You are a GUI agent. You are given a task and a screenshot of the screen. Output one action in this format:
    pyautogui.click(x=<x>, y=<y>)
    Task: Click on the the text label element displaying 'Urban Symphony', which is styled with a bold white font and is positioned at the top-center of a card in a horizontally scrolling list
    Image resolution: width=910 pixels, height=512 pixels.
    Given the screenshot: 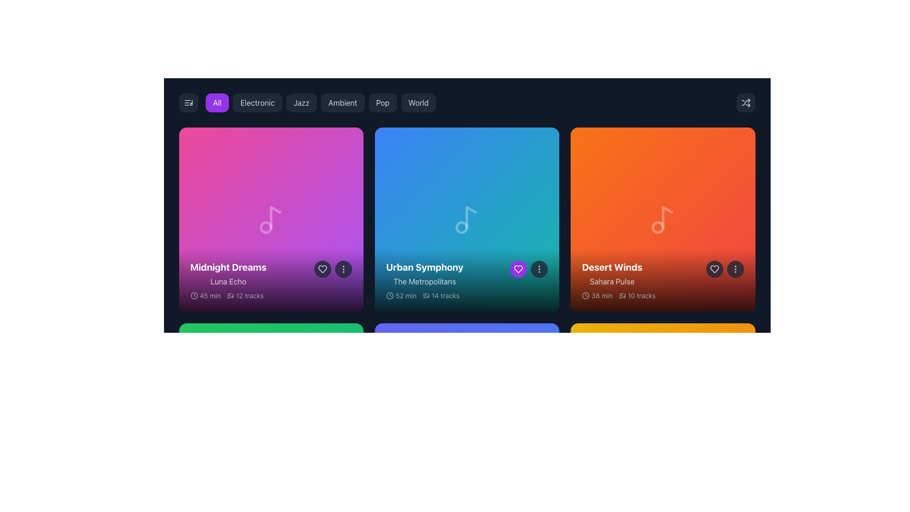 What is the action you would take?
    pyautogui.click(x=424, y=267)
    